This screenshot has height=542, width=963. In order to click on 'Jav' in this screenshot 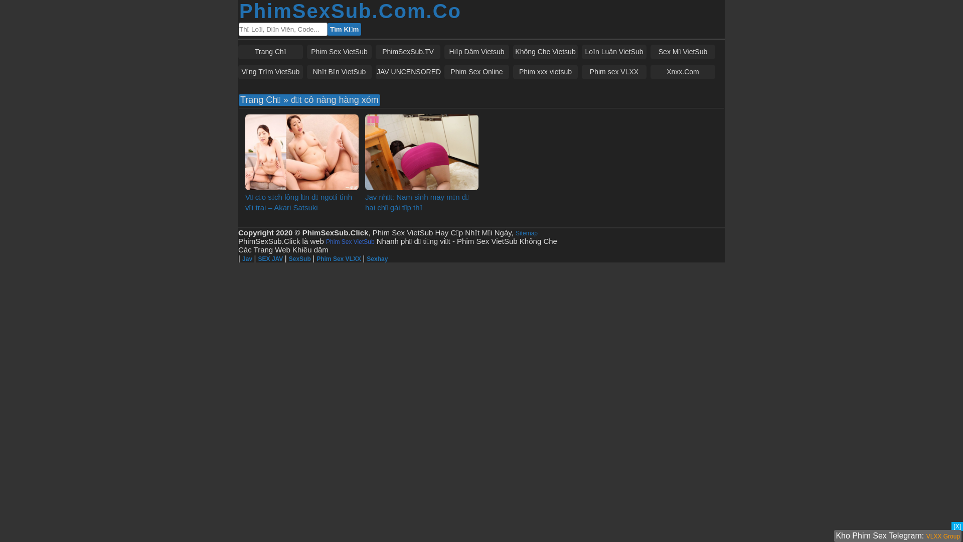, I will do `click(248, 258)`.